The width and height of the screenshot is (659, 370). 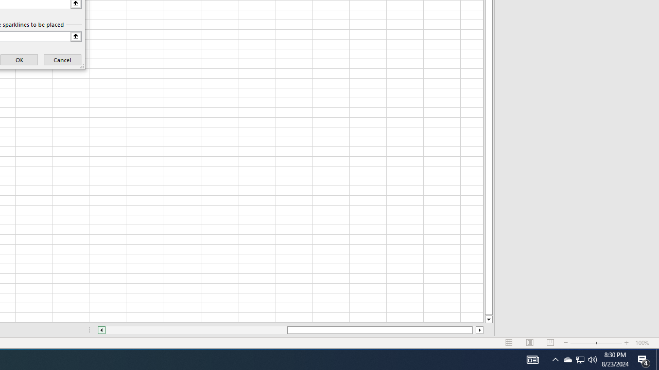 What do you see at coordinates (583, 343) in the screenshot?
I see `'Zoom Out'` at bounding box center [583, 343].